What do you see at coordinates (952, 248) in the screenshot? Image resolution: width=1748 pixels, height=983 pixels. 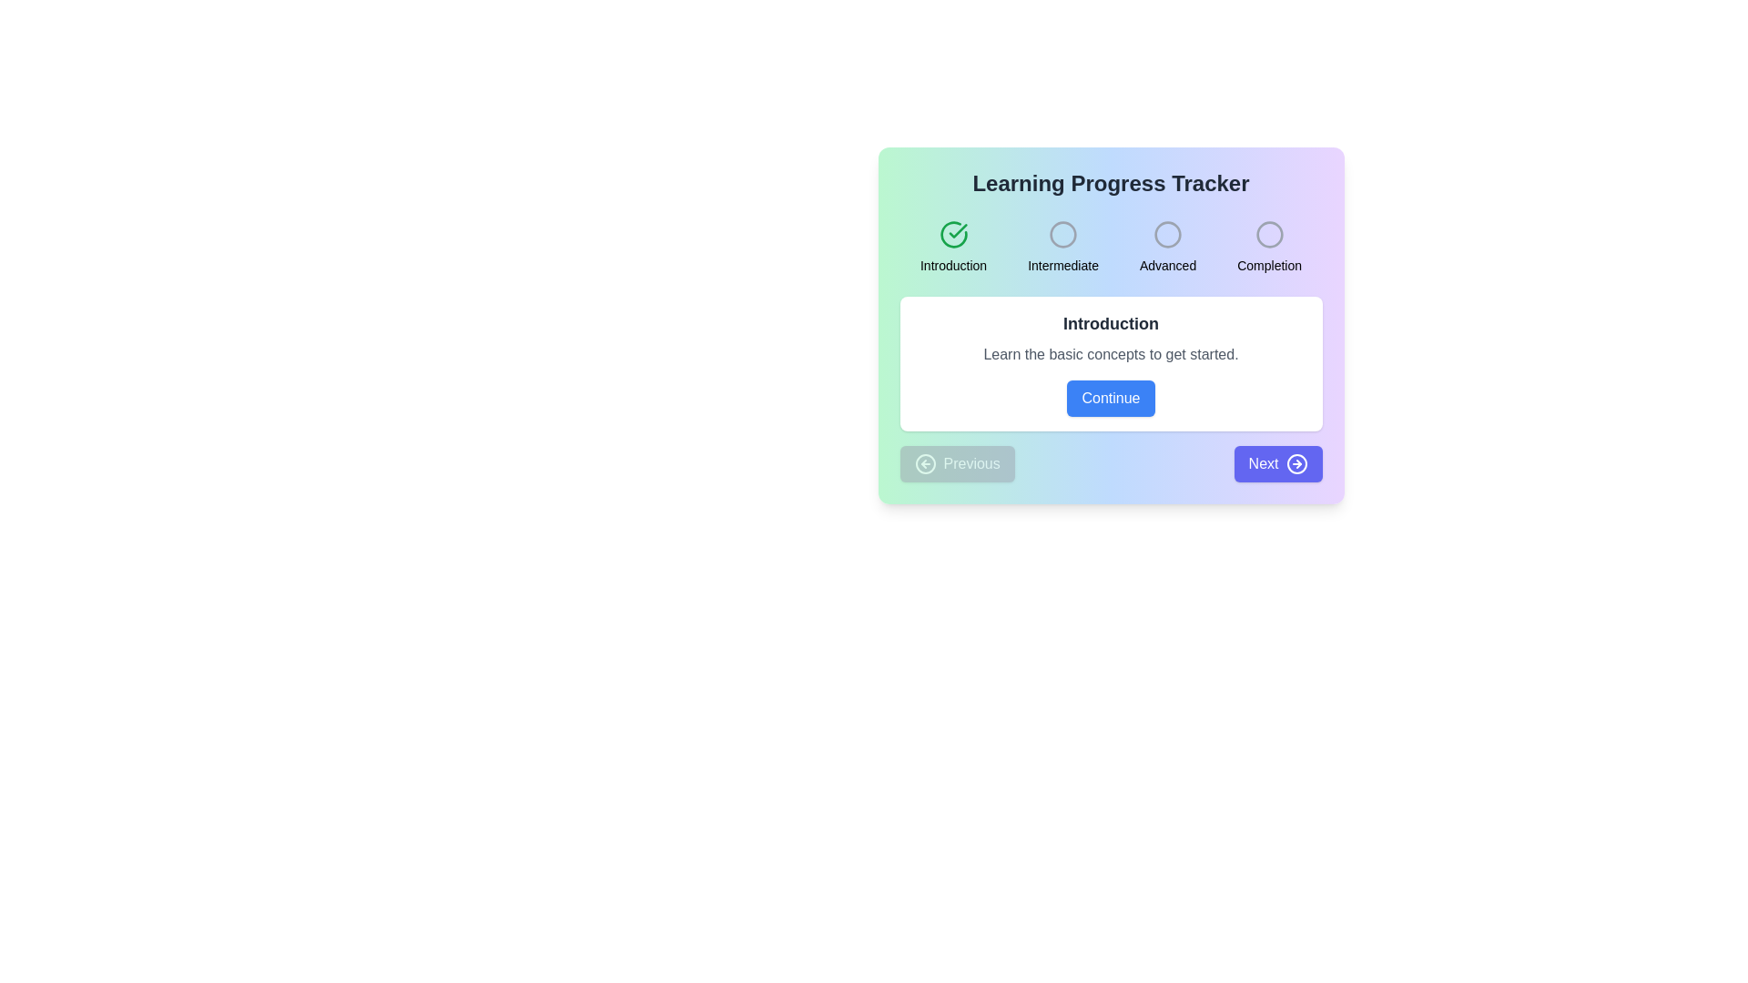 I see `label of the 'Introduction' stage progress indicator, which is located in the upper-left portion of the progress tracker interface, indicating that this stage is complete with a checkmark icon` at bounding box center [952, 248].